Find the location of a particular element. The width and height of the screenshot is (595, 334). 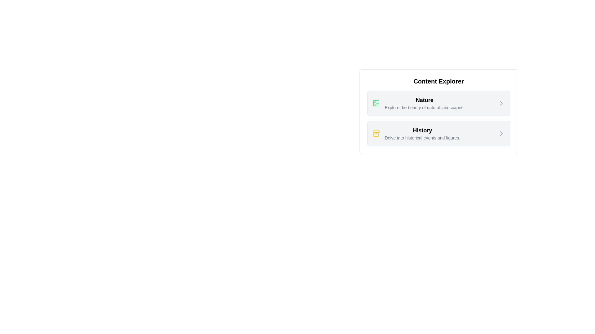

the second list item with text content is located at coordinates (422, 133).